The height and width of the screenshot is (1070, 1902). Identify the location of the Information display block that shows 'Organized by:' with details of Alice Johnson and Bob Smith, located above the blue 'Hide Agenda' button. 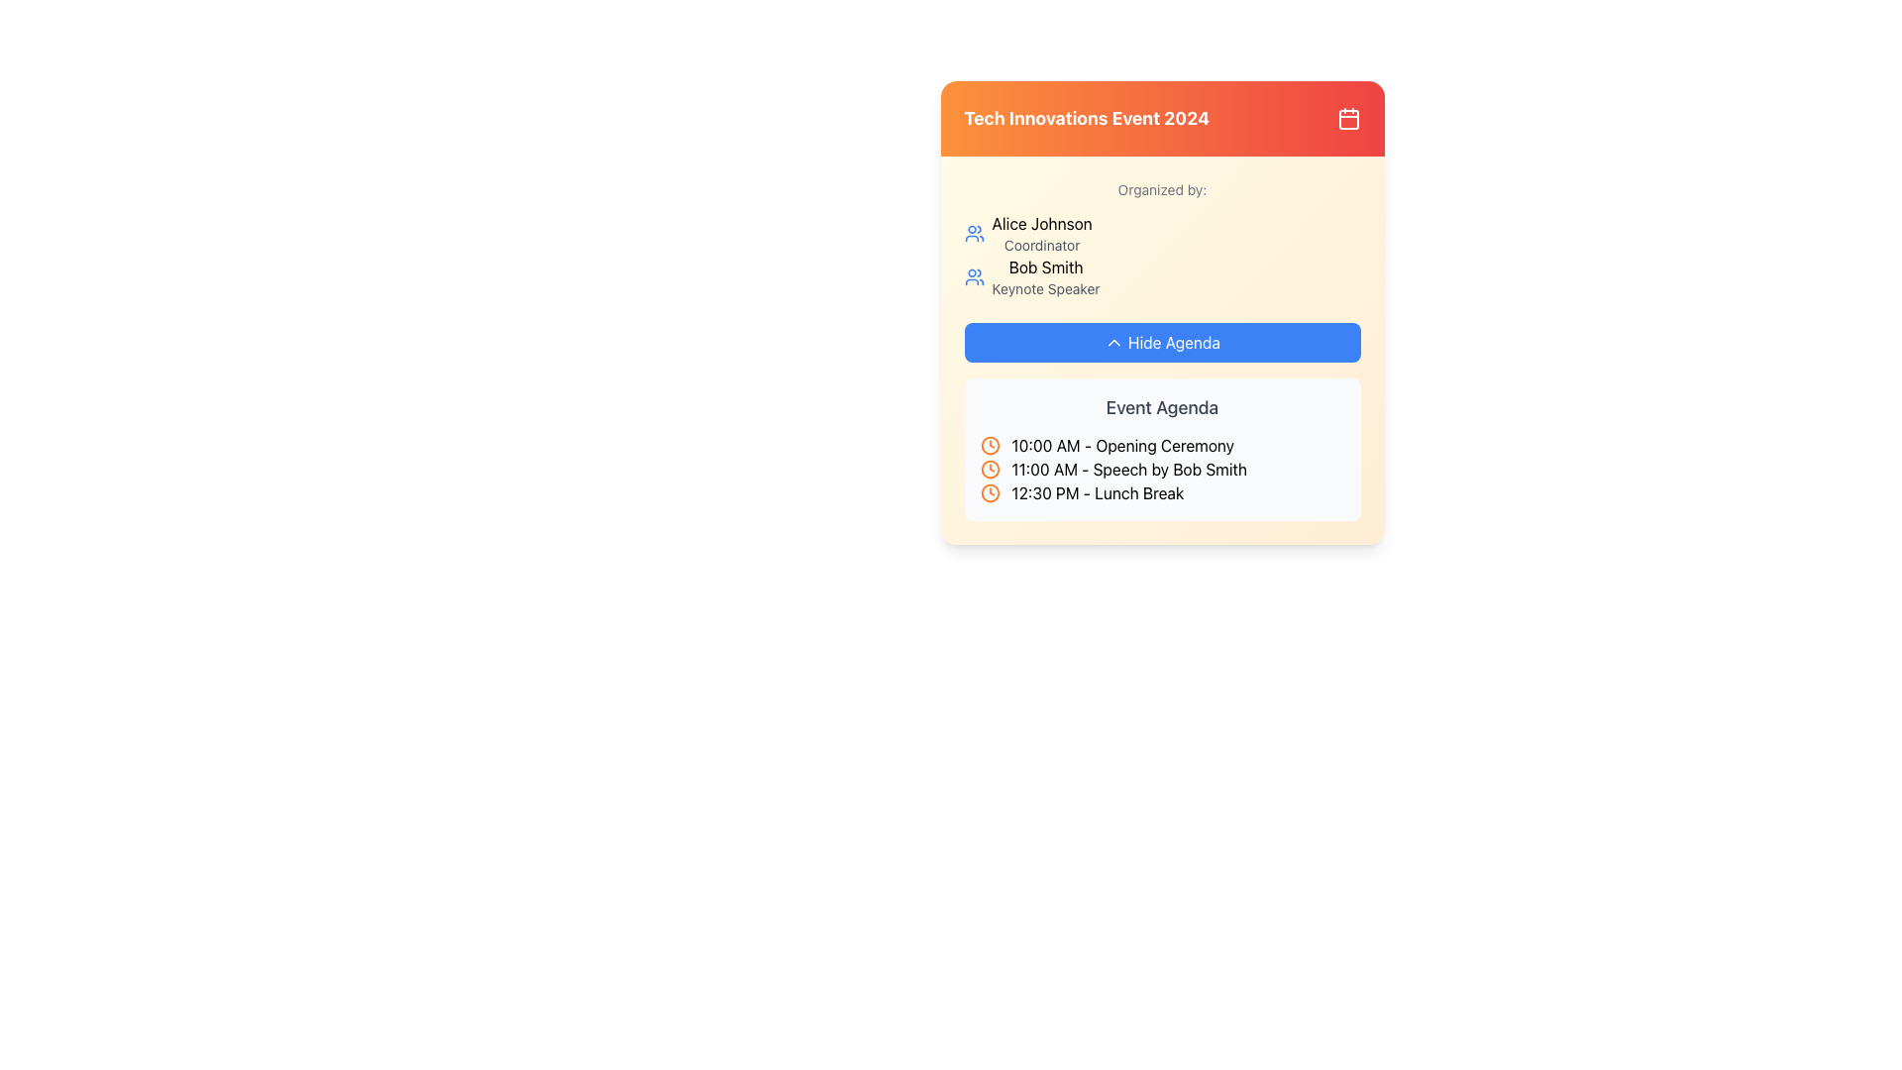
(1162, 270).